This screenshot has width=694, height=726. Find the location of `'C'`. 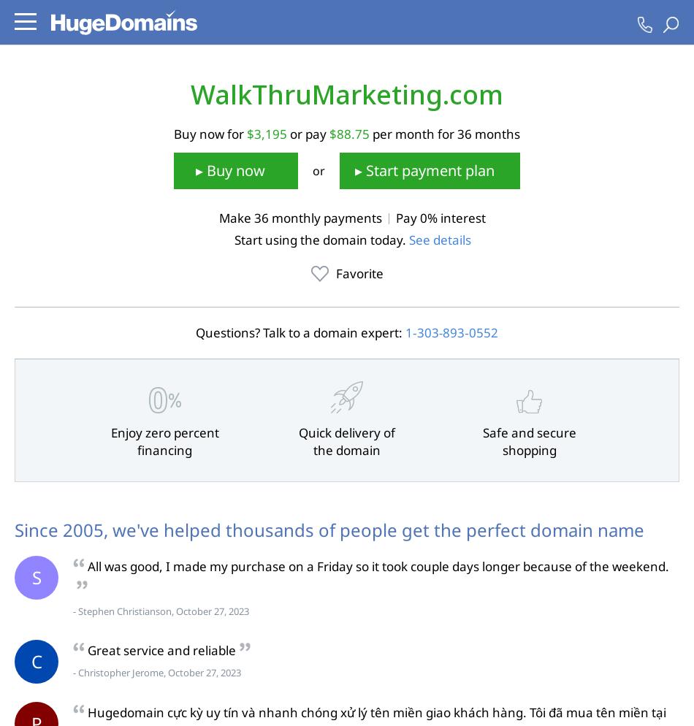

'C' is located at coordinates (36, 660).